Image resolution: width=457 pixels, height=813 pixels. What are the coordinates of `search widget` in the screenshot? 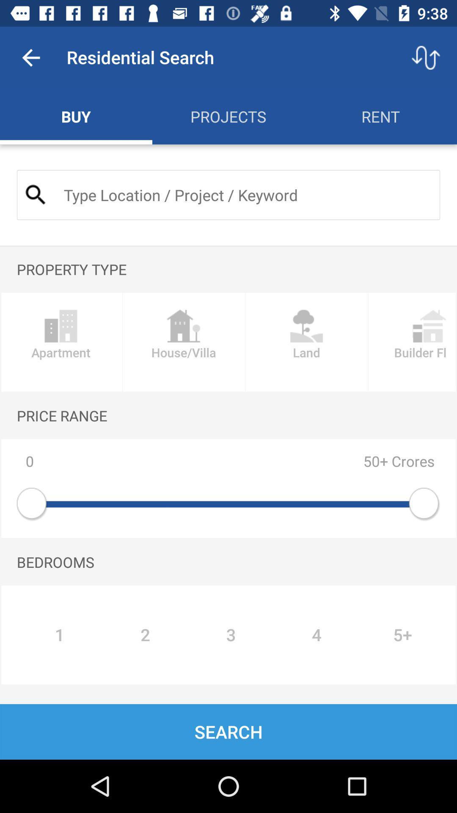 It's located at (245, 194).